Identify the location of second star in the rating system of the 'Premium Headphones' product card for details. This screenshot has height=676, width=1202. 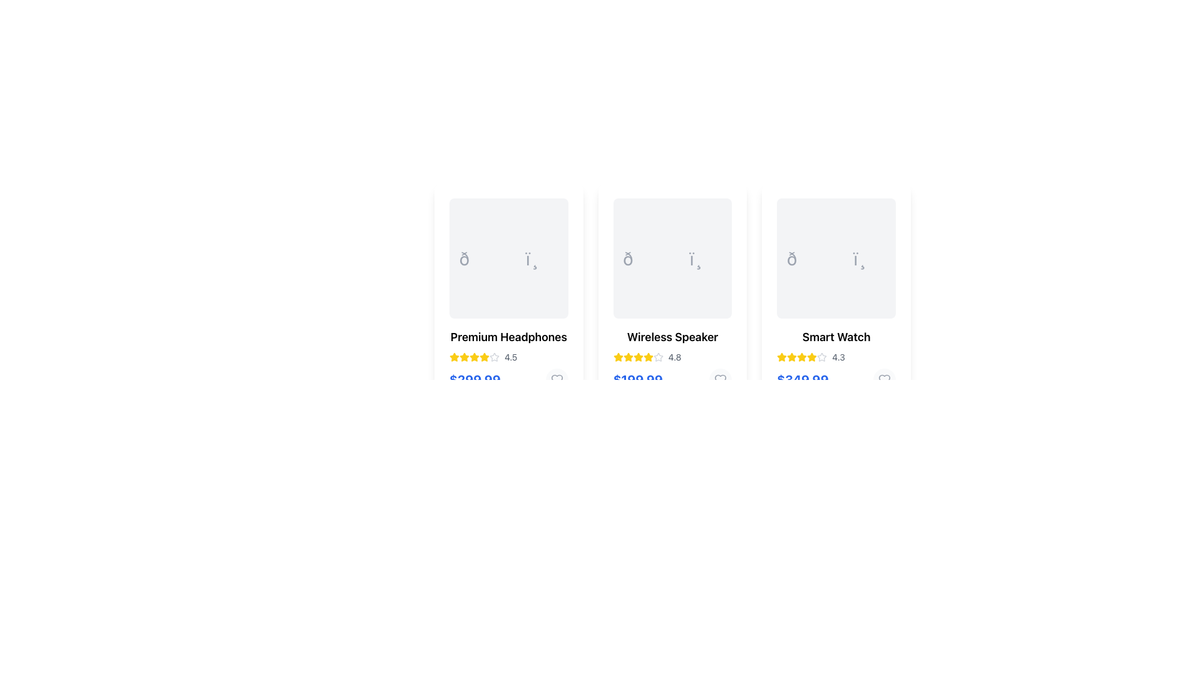
(483, 357).